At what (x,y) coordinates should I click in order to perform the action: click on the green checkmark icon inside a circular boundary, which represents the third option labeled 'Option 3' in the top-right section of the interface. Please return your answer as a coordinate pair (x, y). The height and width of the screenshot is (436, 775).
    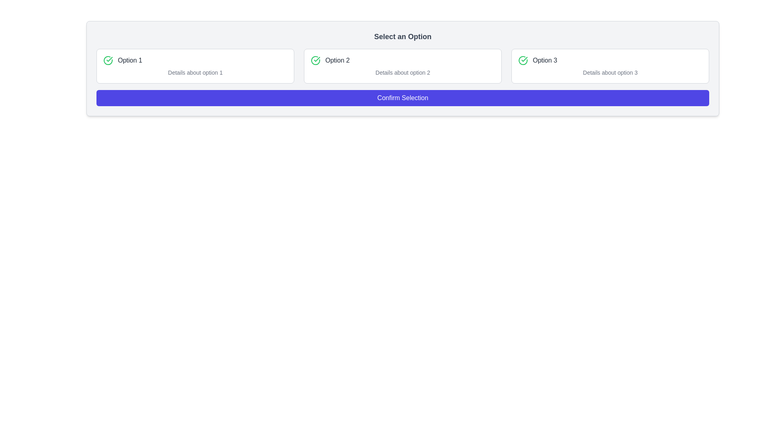
    Looking at the image, I should click on (524, 59).